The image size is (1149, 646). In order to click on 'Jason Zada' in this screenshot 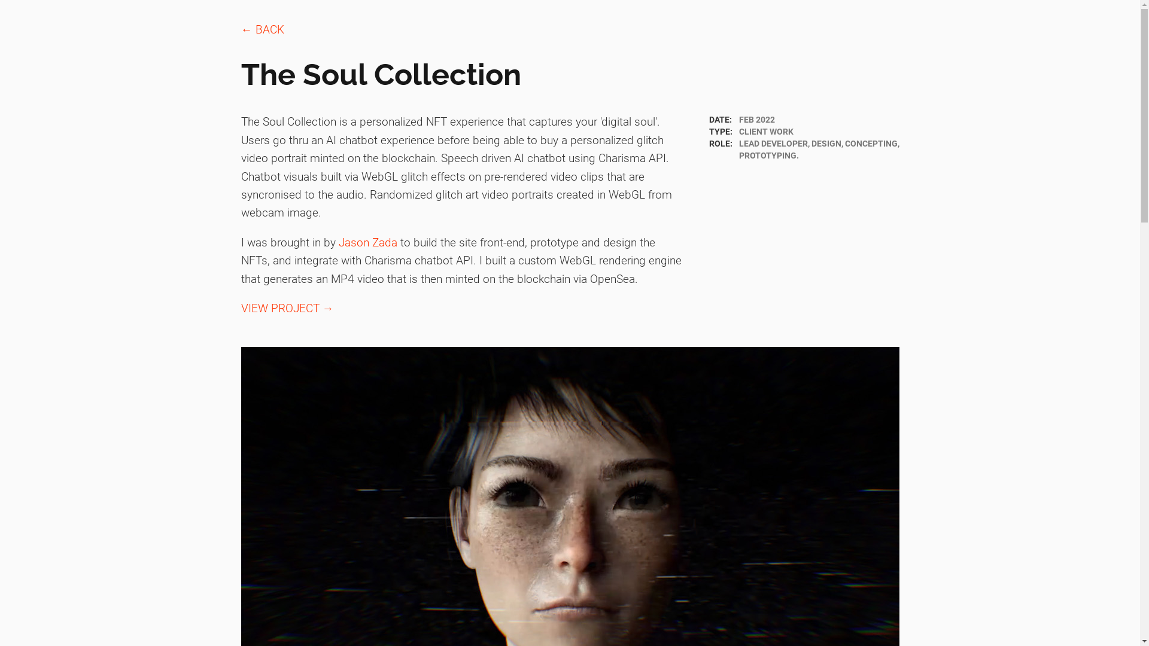, I will do `click(367, 242)`.